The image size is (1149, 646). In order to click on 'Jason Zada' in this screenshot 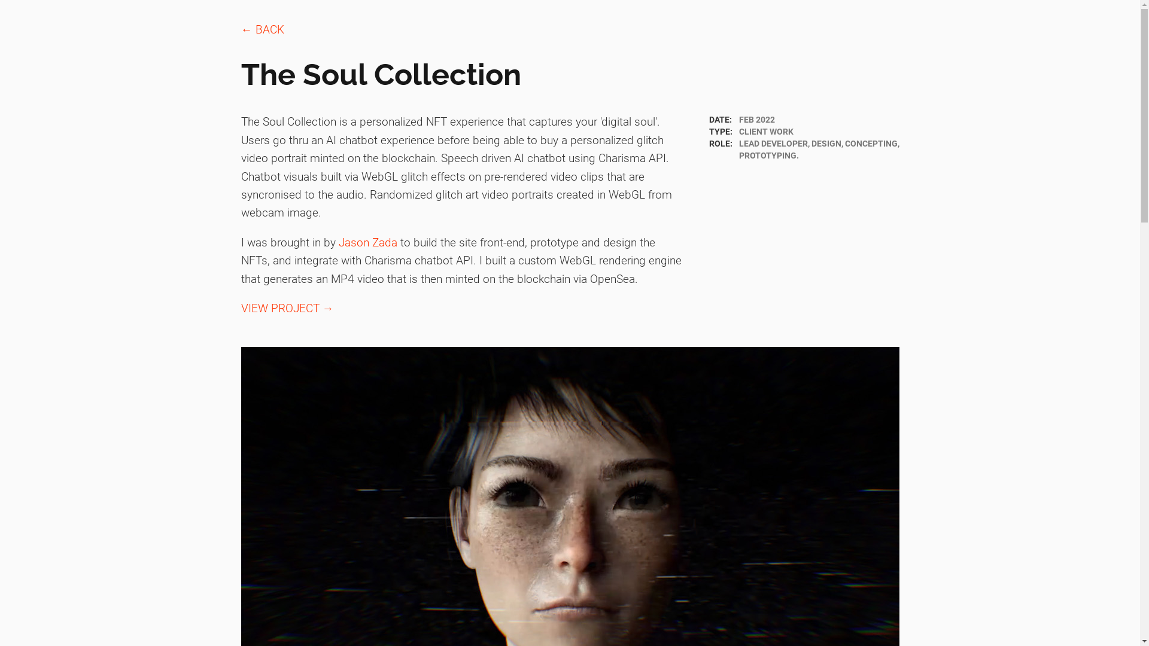, I will do `click(367, 242)`.